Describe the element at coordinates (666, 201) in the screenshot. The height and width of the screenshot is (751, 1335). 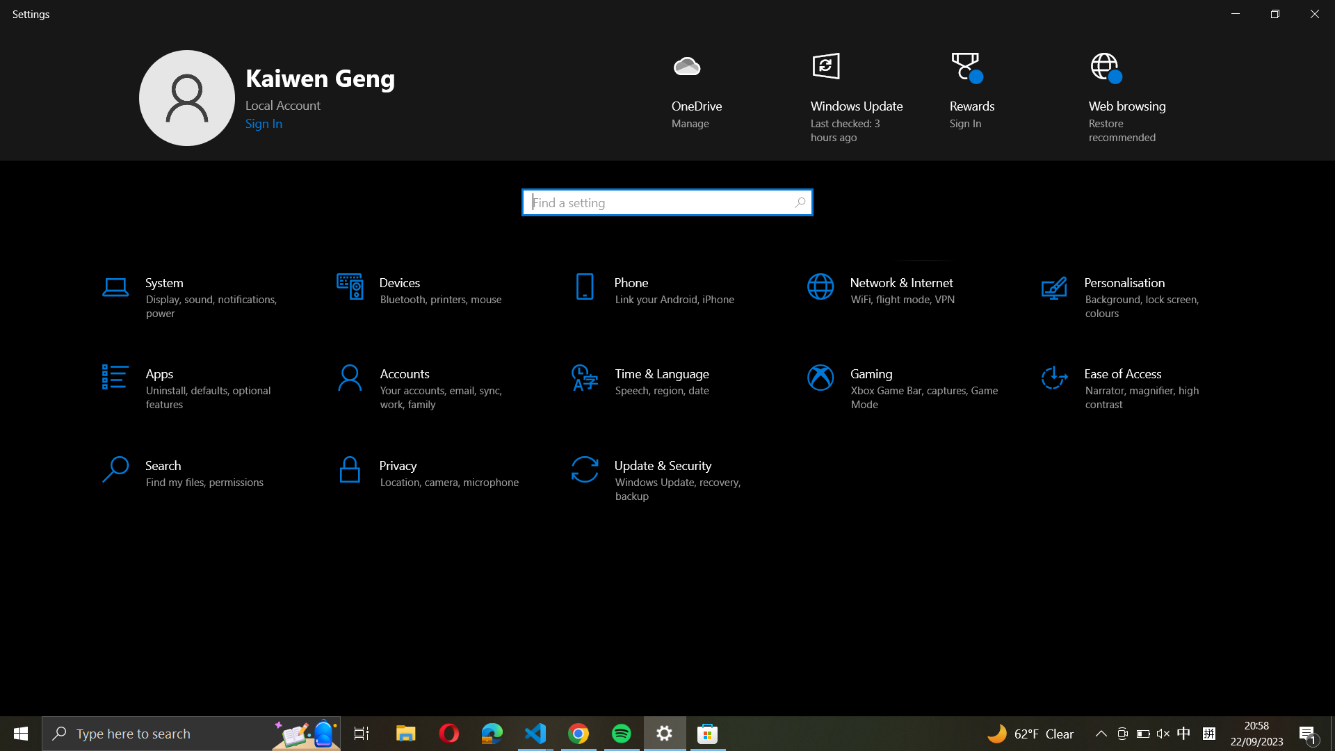
I see `and open the "Lock screen settings" from the search bar` at that location.